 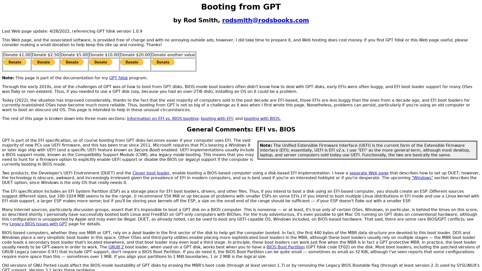 I want to click on PayPal - The safer, easier way to pay online!, so click(x=100, y=61).